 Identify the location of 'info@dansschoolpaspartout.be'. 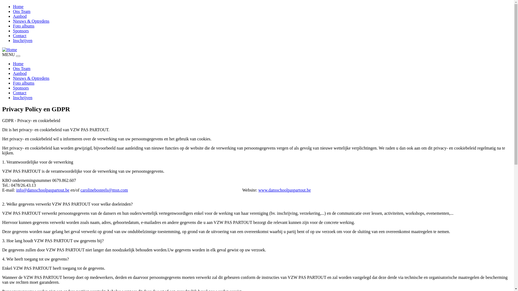
(42, 190).